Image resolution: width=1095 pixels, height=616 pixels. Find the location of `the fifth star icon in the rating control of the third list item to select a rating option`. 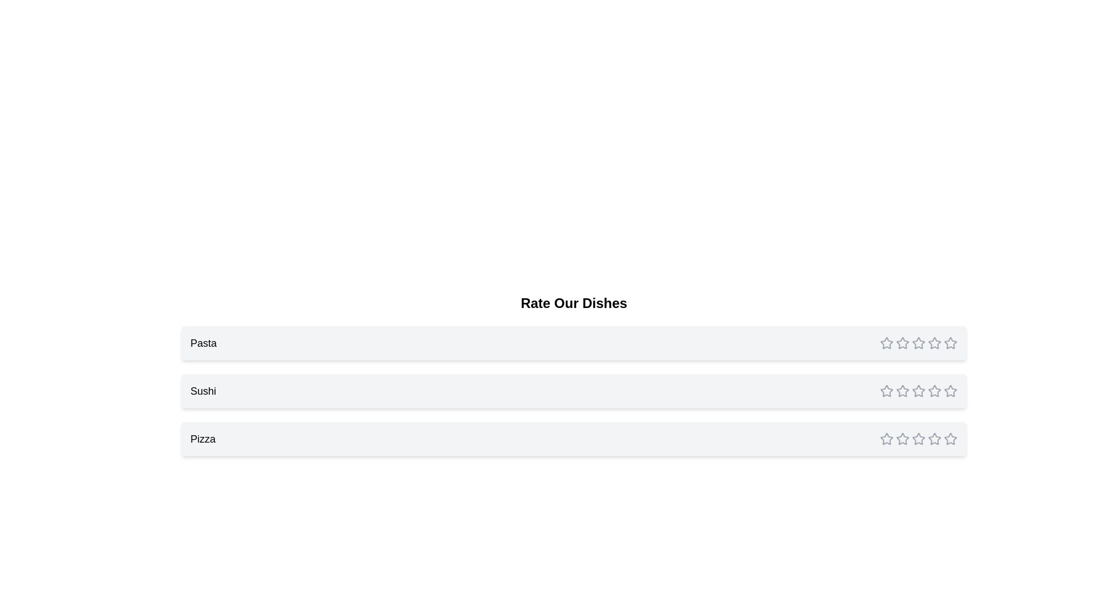

the fifth star icon in the rating control of the third list item to select a rating option is located at coordinates (950, 439).